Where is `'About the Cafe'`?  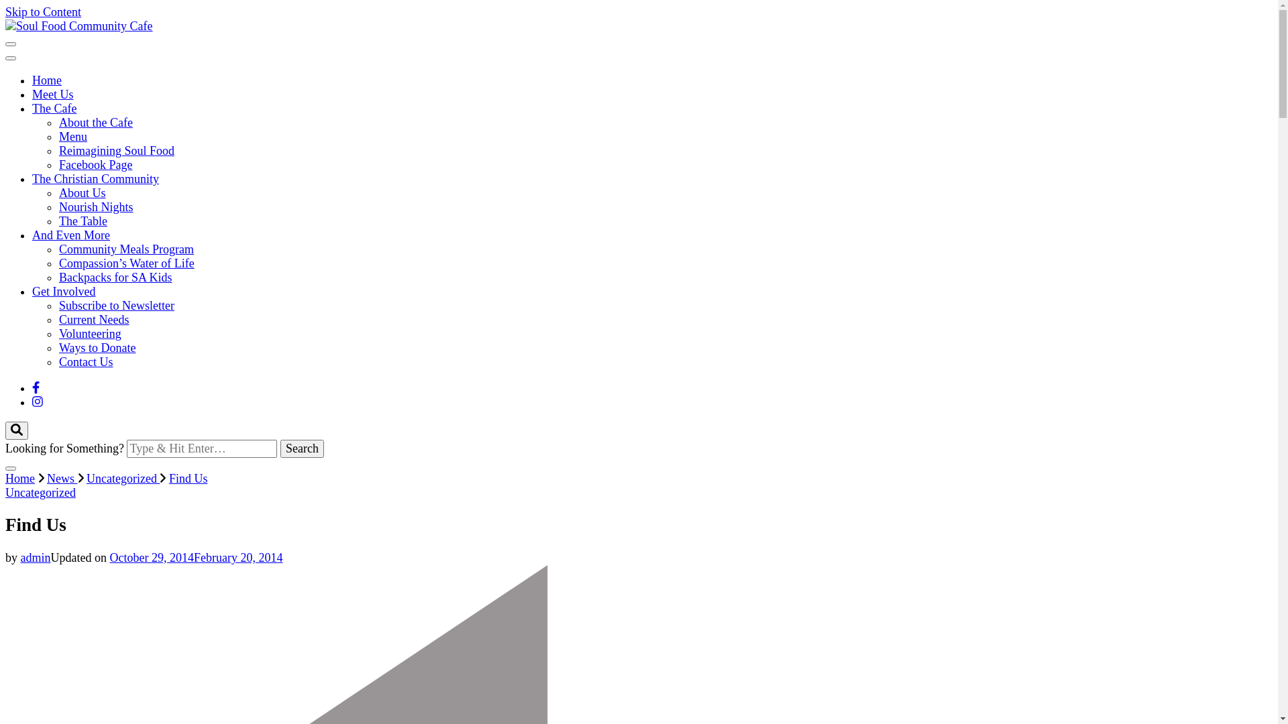 'About the Cafe' is located at coordinates (95, 122).